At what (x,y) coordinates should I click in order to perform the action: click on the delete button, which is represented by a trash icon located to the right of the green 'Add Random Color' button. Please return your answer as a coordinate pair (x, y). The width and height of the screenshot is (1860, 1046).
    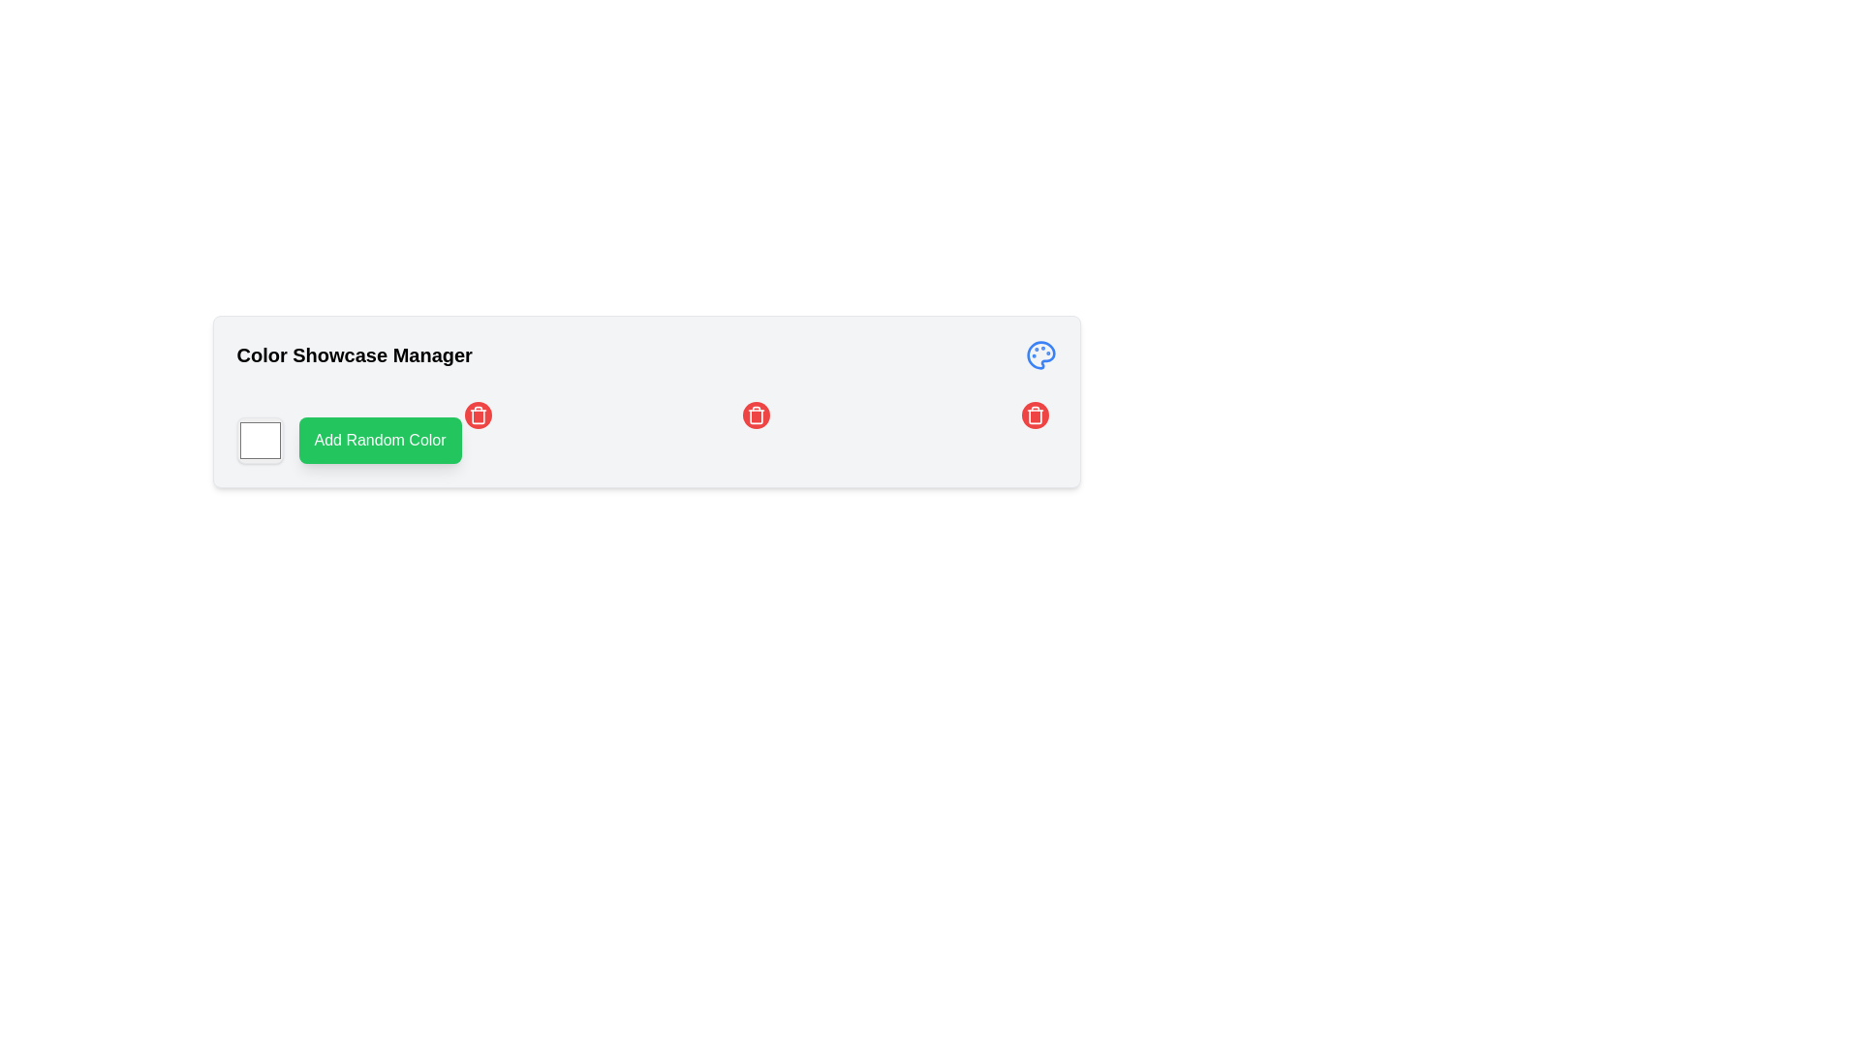
    Looking at the image, I should click on (478, 415).